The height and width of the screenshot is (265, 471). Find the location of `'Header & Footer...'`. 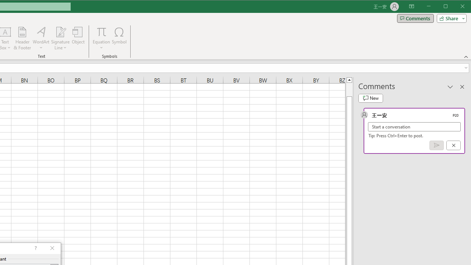

'Header & Footer...' is located at coordinates (22, 38).